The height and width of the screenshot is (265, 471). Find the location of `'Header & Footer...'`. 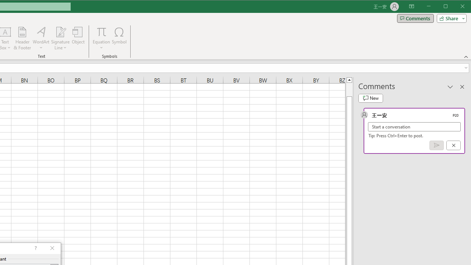

'Header & Footer...' is located at coordinates (22, 38).